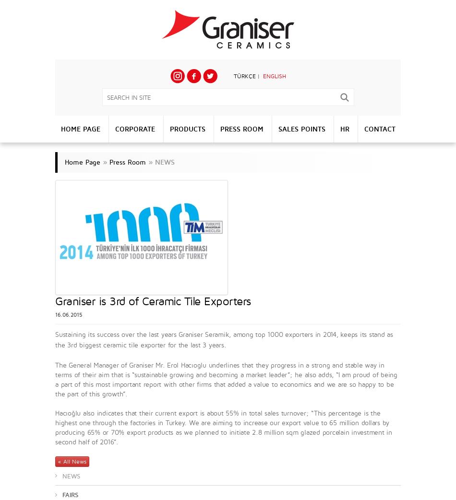  Describe the element at coordinates (55, 379) in the screenshot. I see `'The General Manager of Graniser Mr. Erol Hacıoglu underlines that they progress in a strong and stable way in terms of their aim that is “sustainable growing and becoming a market leader”; he also adds, “I am proud of being a part of this most important report with other firms that added a value to economics and we are so happy to be the part of this growth”.'` at that location.